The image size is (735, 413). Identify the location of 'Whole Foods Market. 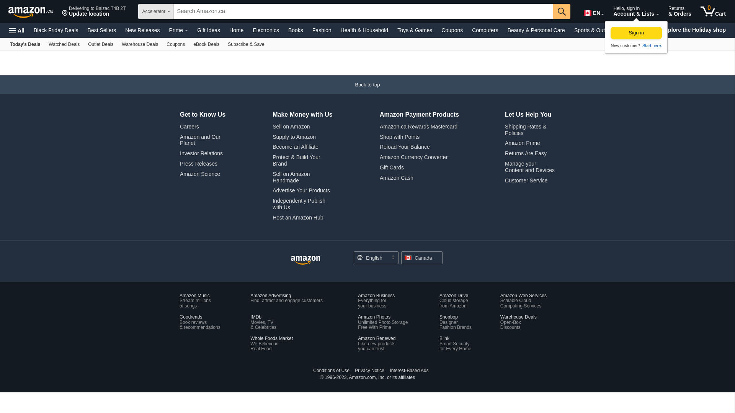
(271, 343).